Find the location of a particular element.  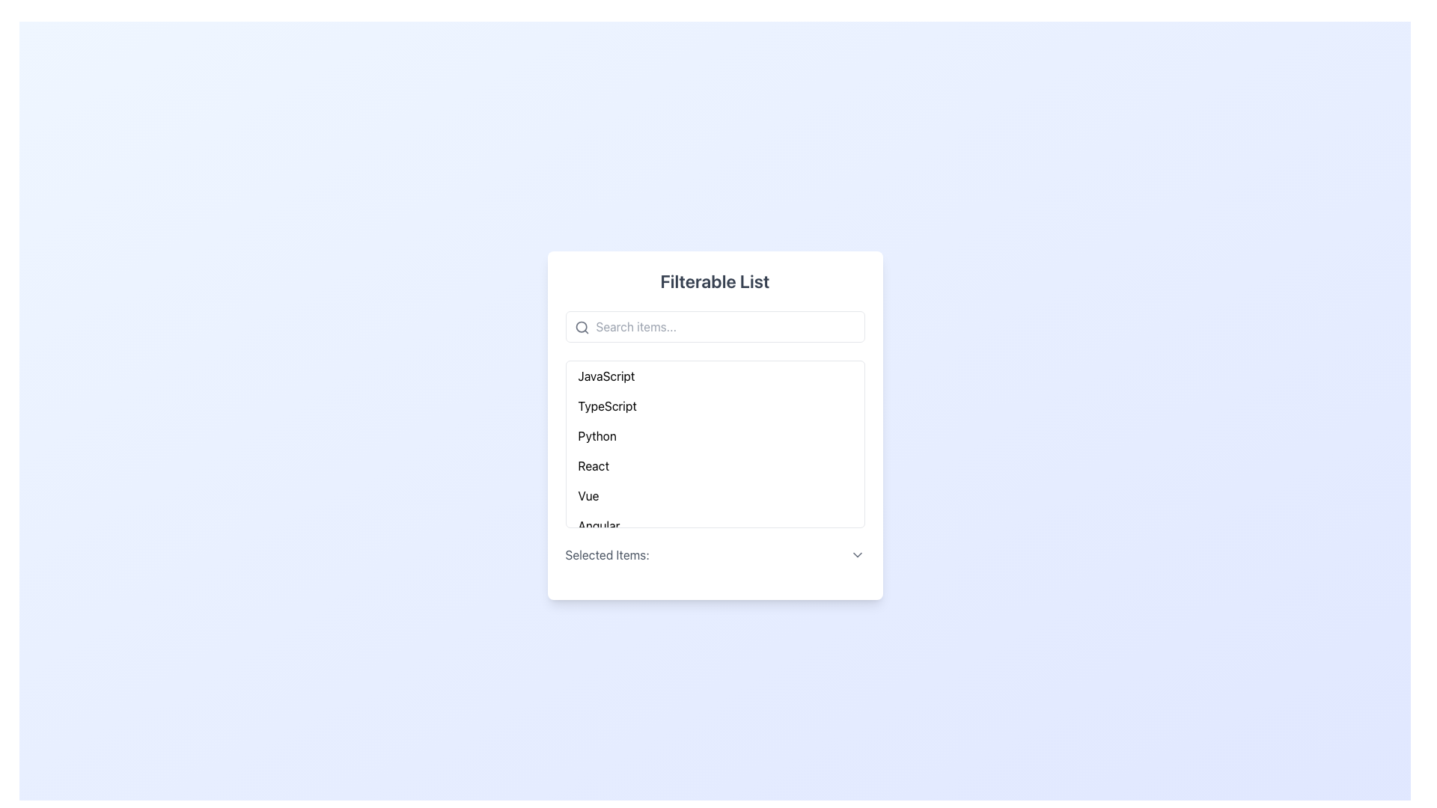

to select the 'Angular' list item, which is the sixth item in a vertical list, positioned under 'Vue' is located at coordinates (714, 524).